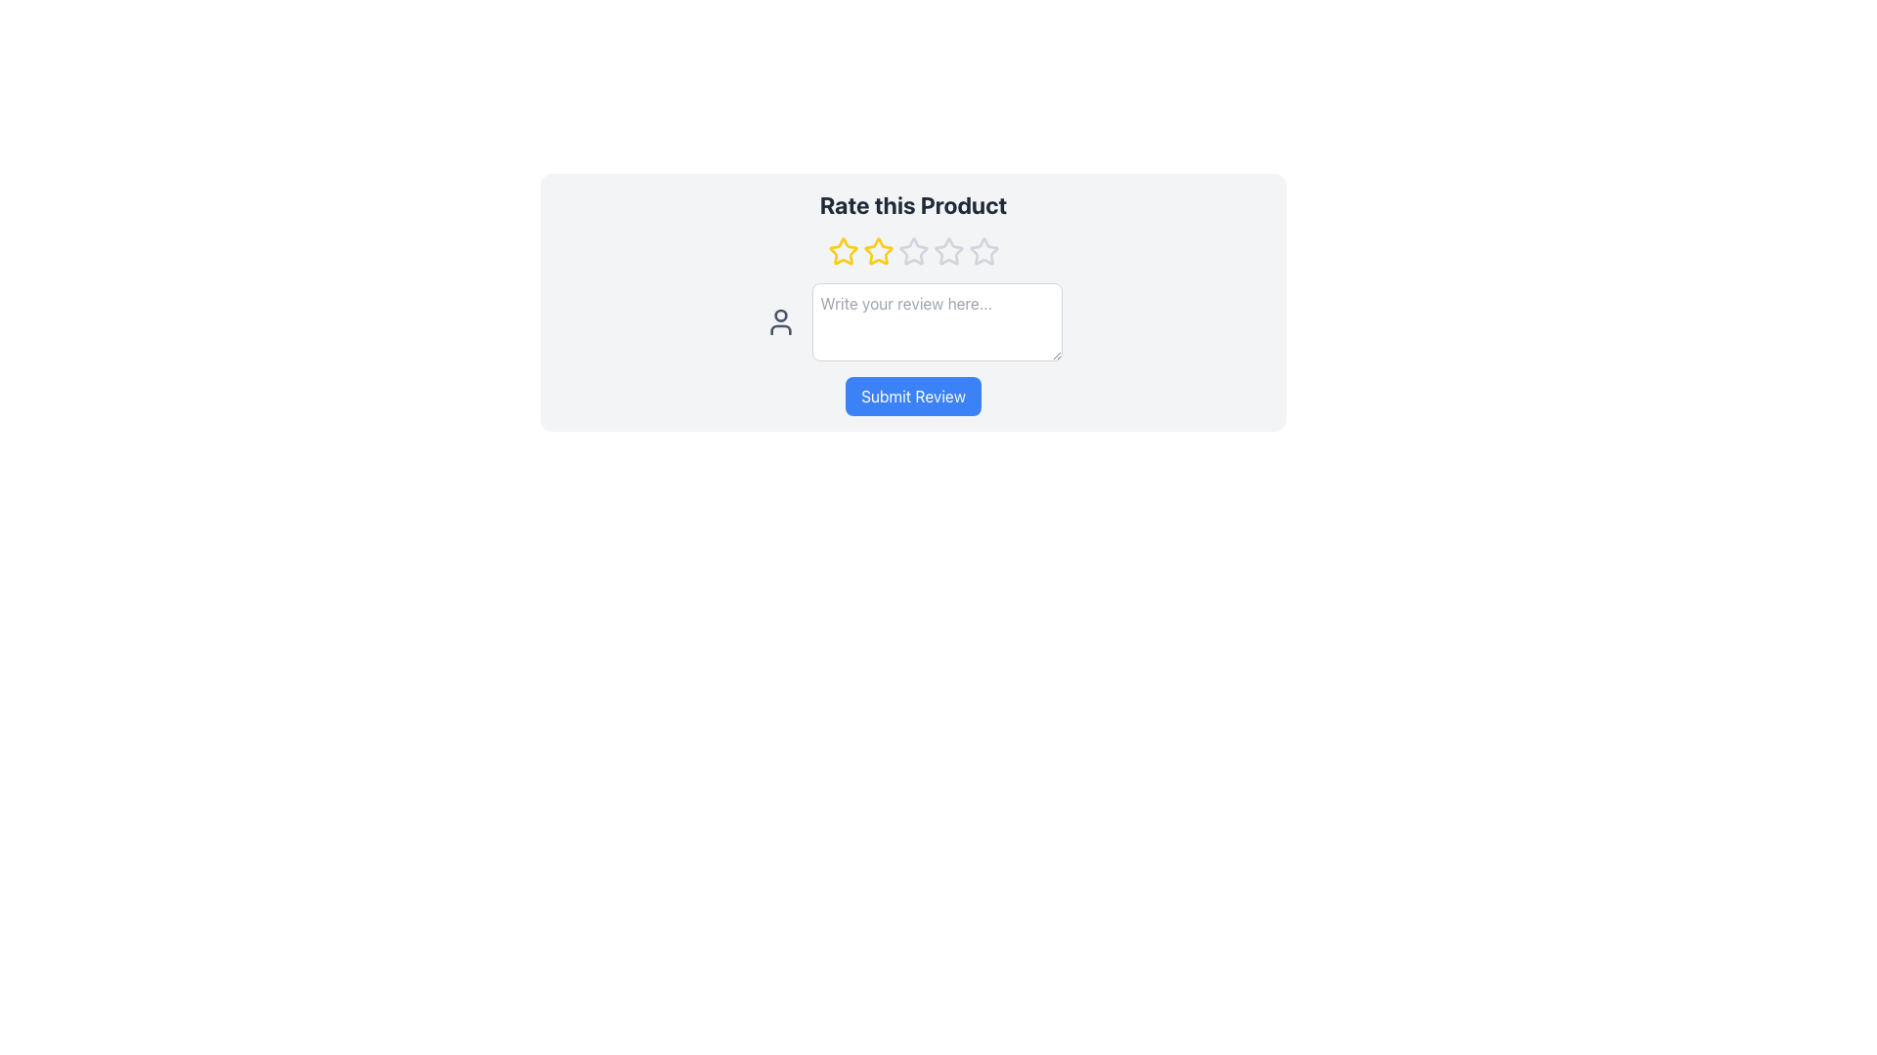 The width and height of the screenshot is (1877, 1055). I want to click on the active yellow star icon, which is the second star in the rating component, as part of the draggable rating control, so click(877, 251).